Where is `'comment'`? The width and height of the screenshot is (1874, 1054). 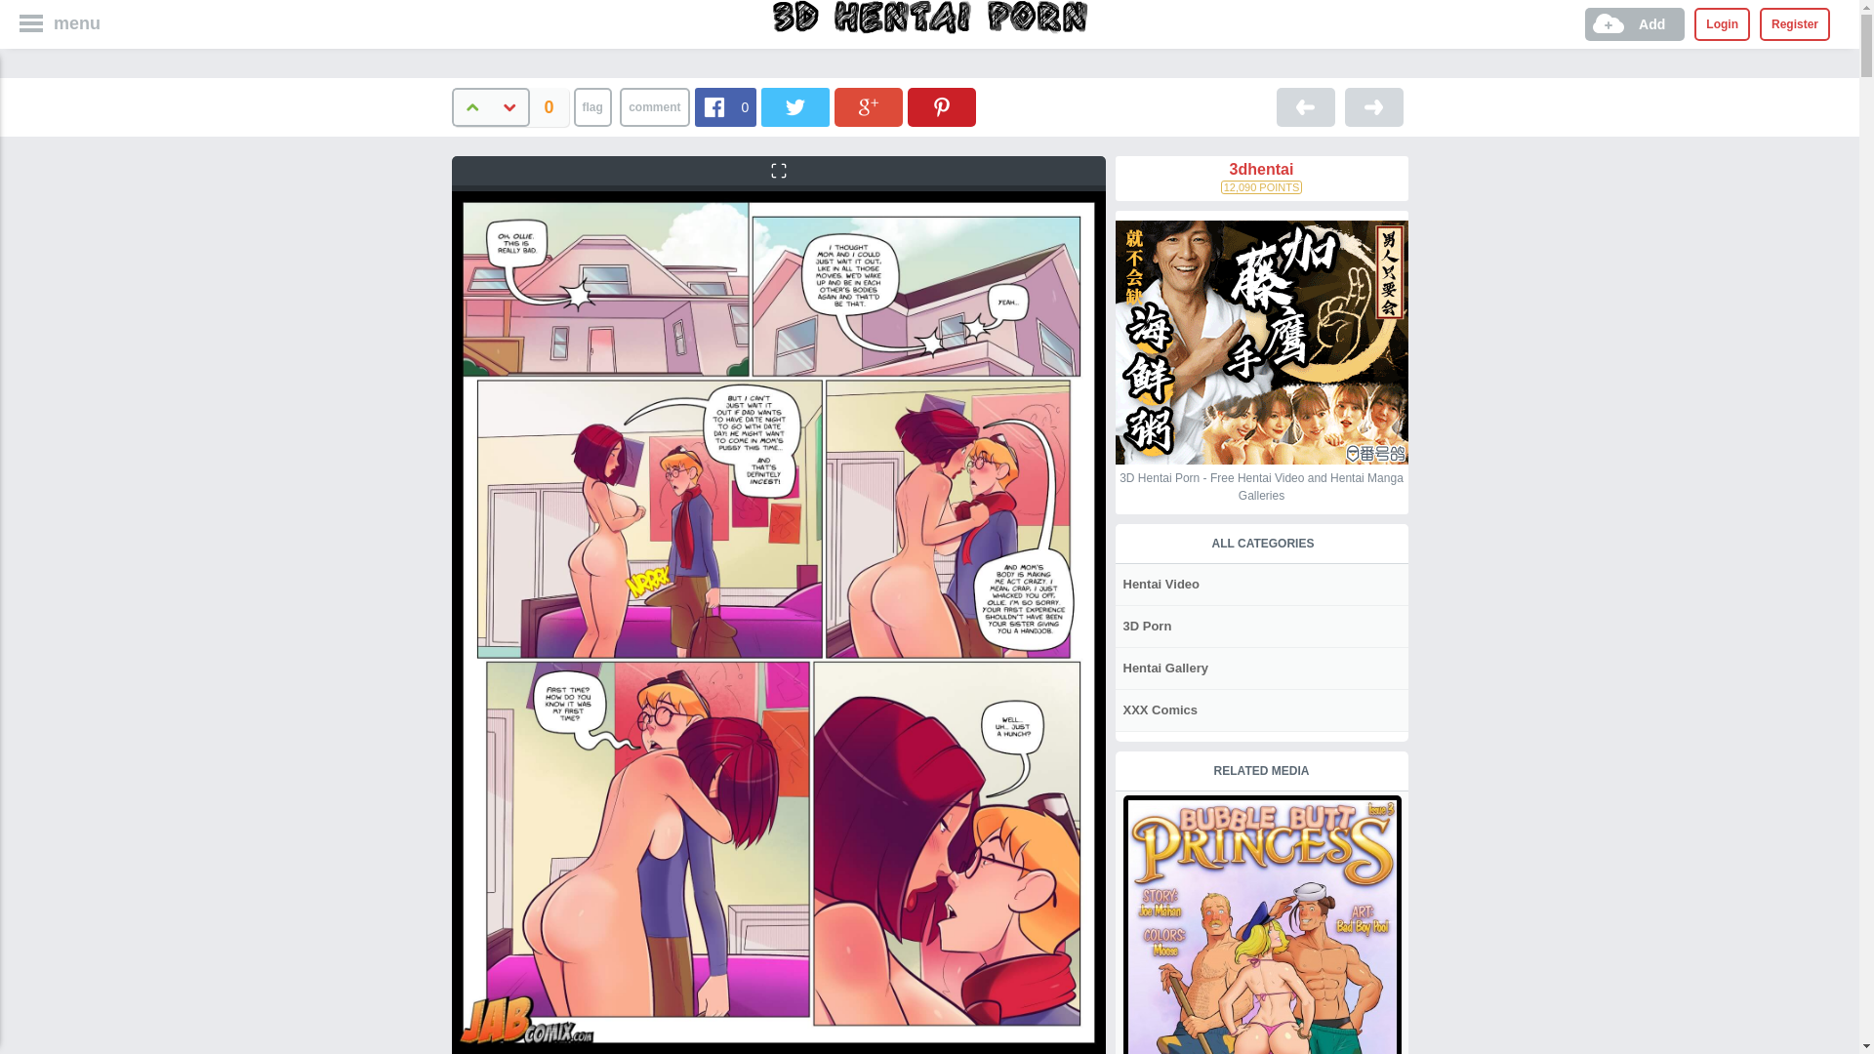
'comment' is located at coordinates (654, 107).